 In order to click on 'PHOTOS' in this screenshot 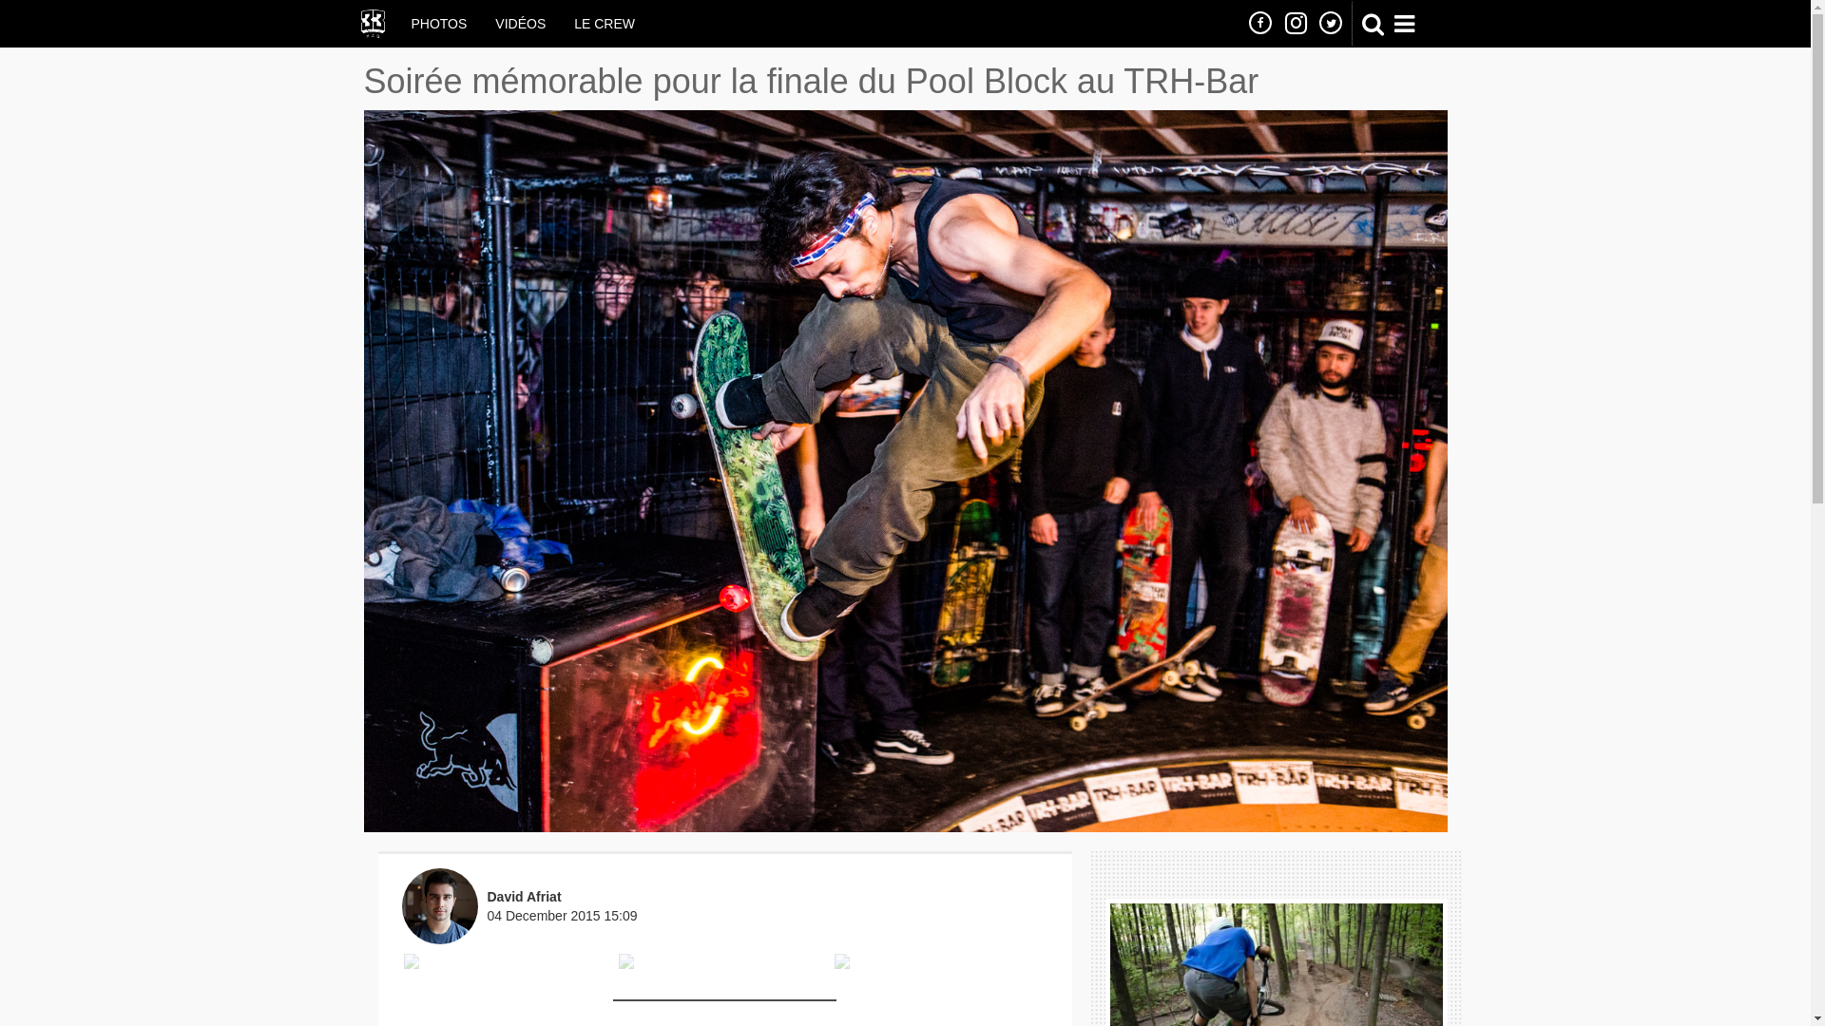, I will do `click(437, 23)`.